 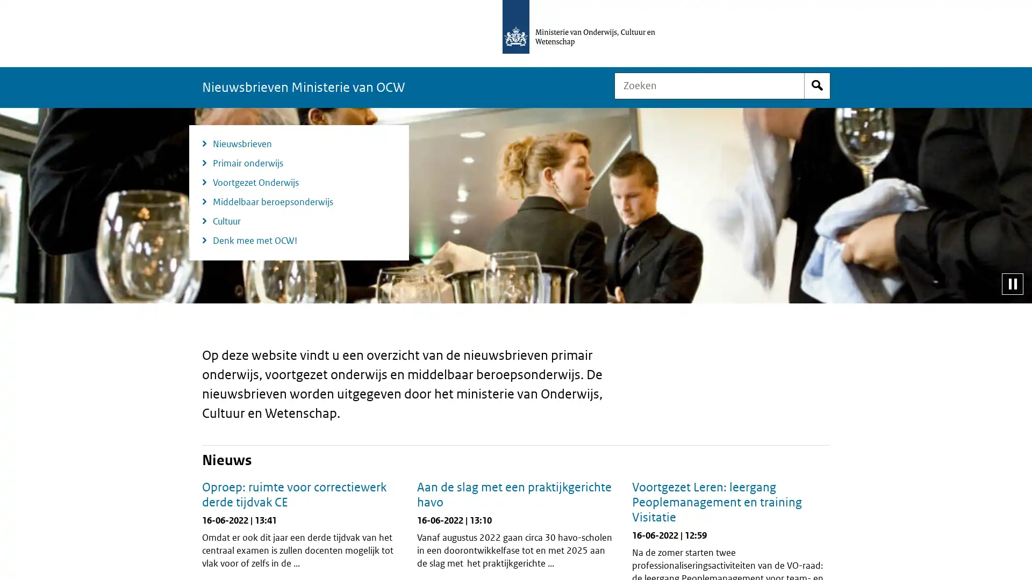 What do you see at coordinates (817, 85) in the screenshot?
I see `Start zoeken` at bounding box center [817, 85].